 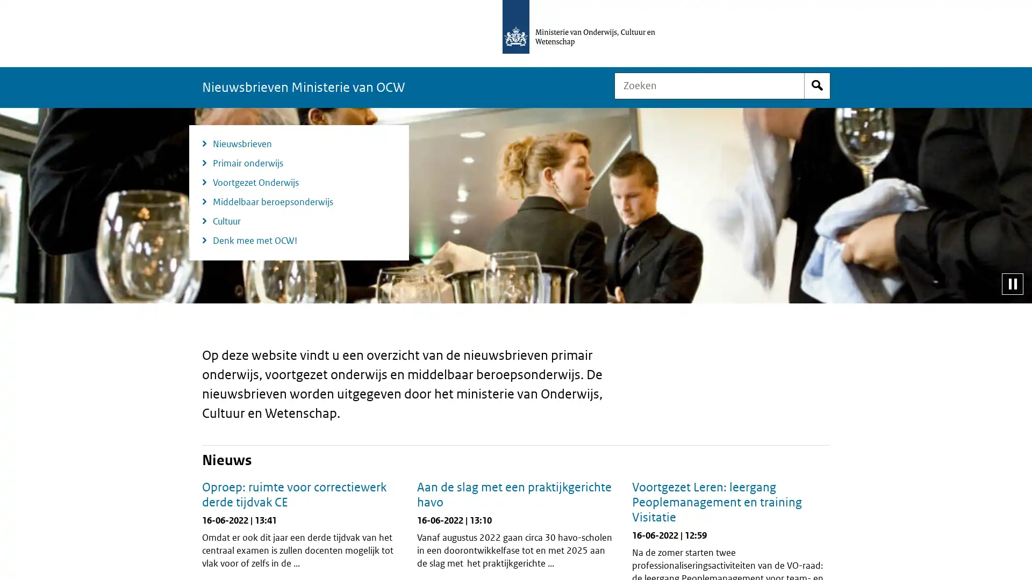 What do you see at coordinates (817, 85) in the screenshot?
I see `Start zoeken` at bounding box center [817, 85].